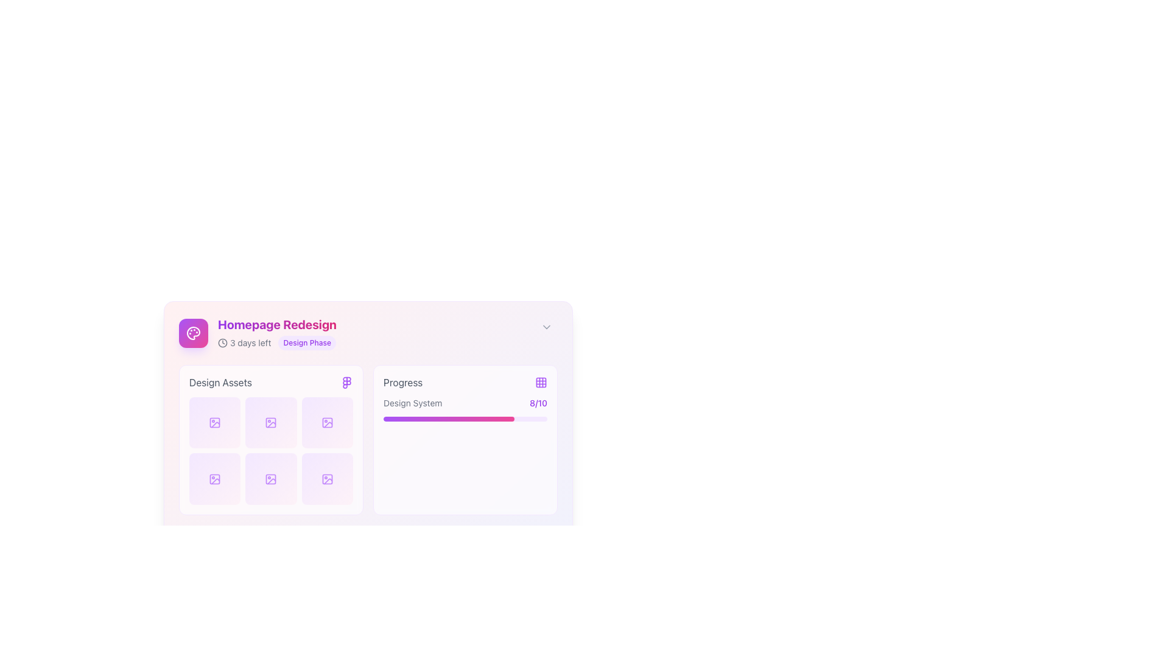 This screenshot has width=1169, height=657. What do you see at coordinates (270, 478) in the screenshot?
I see `the soft purple rectangular icon with rounded corners in the second column of the second row of a grid layout` at bounding box center [270, 478].